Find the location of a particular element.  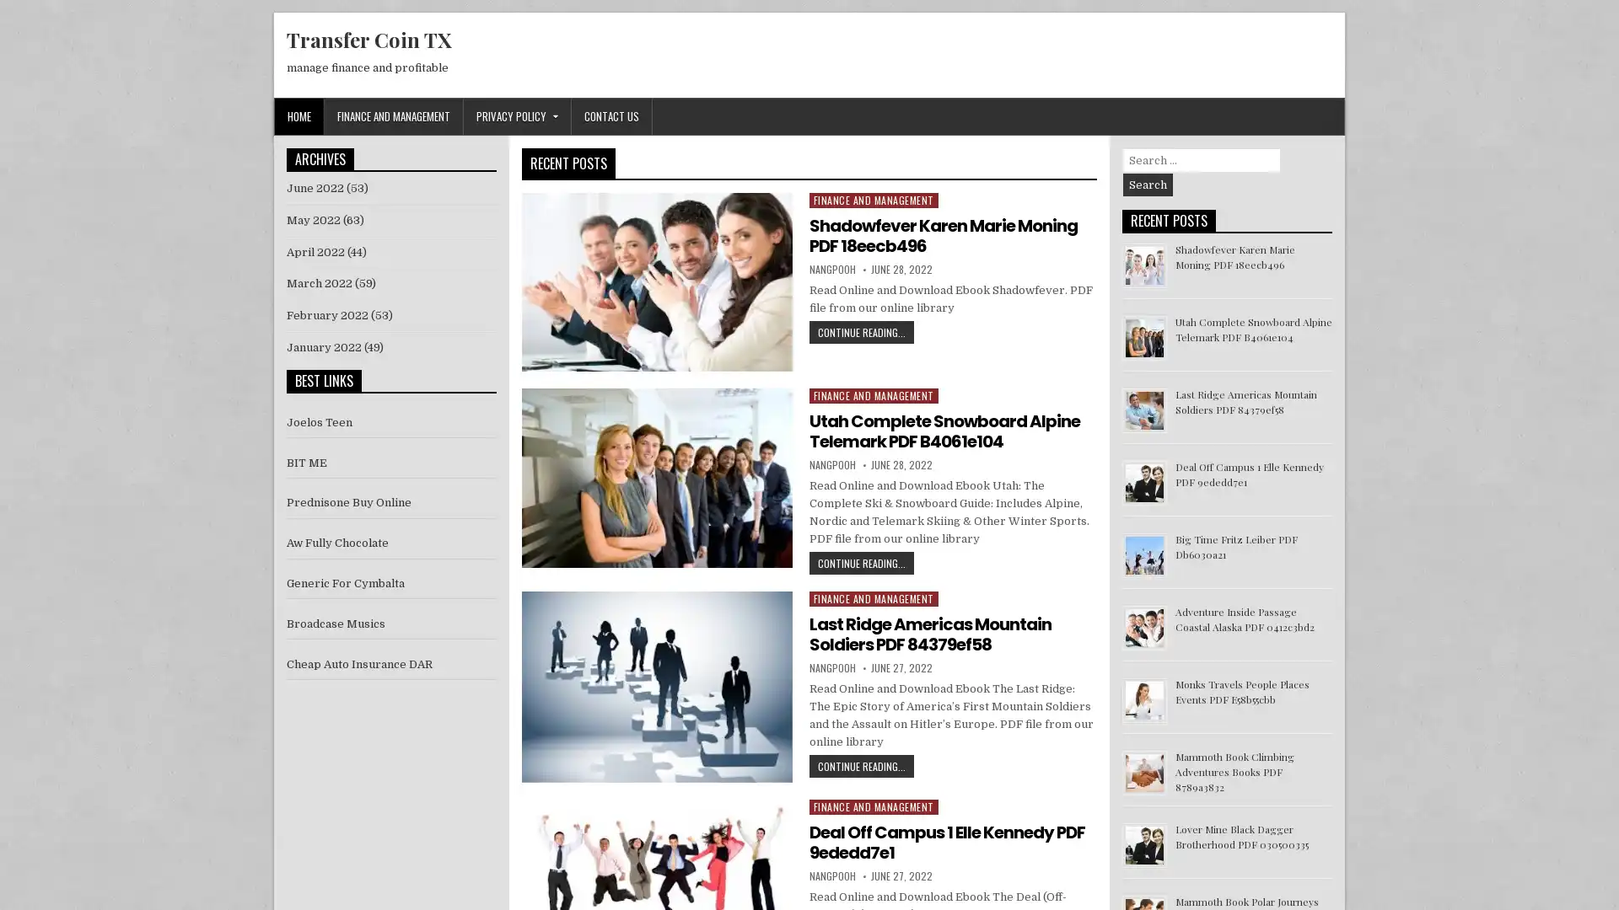

Search is located at coordinates (1147, 185).